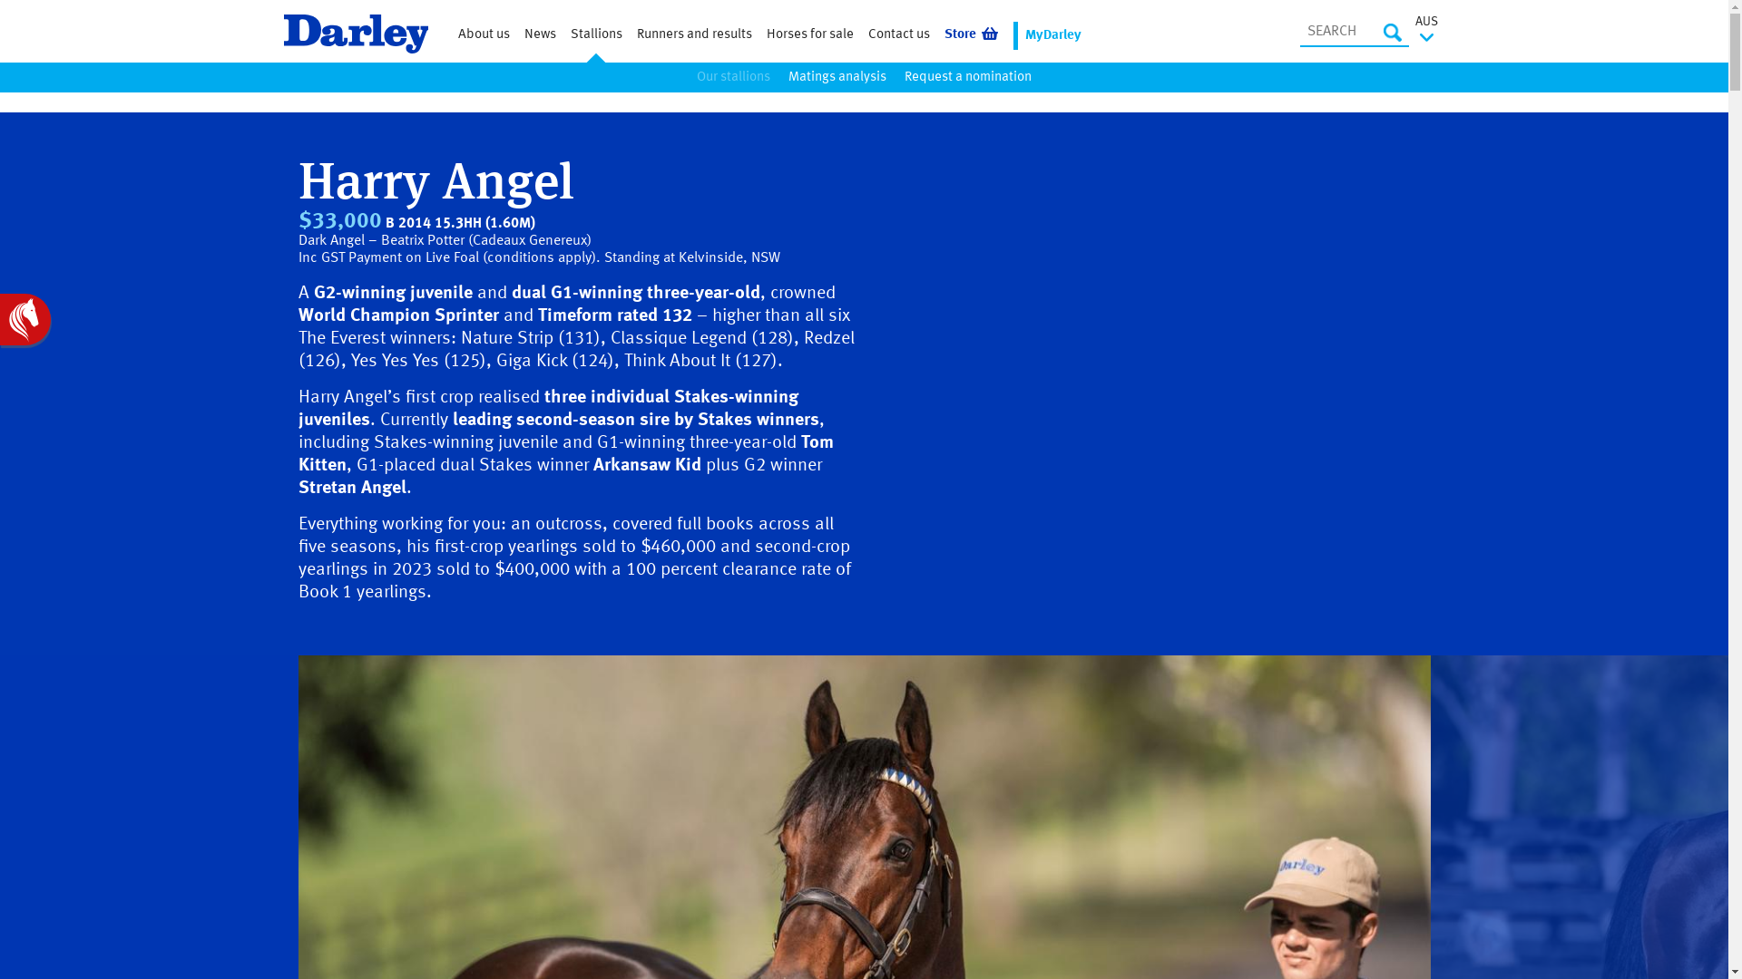 The height and width of the screenshot is (979, 1742). Describe the element at coordinates (595, 34) in the screenshot. I see `'Stallions'` at that location.